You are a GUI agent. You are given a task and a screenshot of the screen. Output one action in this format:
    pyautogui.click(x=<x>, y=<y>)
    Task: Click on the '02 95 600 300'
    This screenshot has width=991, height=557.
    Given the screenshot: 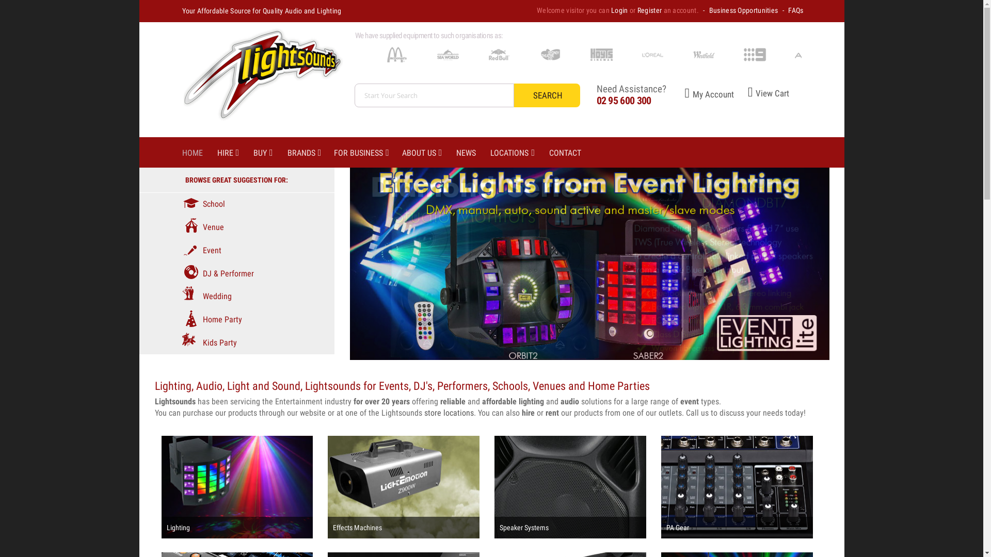 What is the action you would take?
    pyautogui.click(x=624, y=101)
    